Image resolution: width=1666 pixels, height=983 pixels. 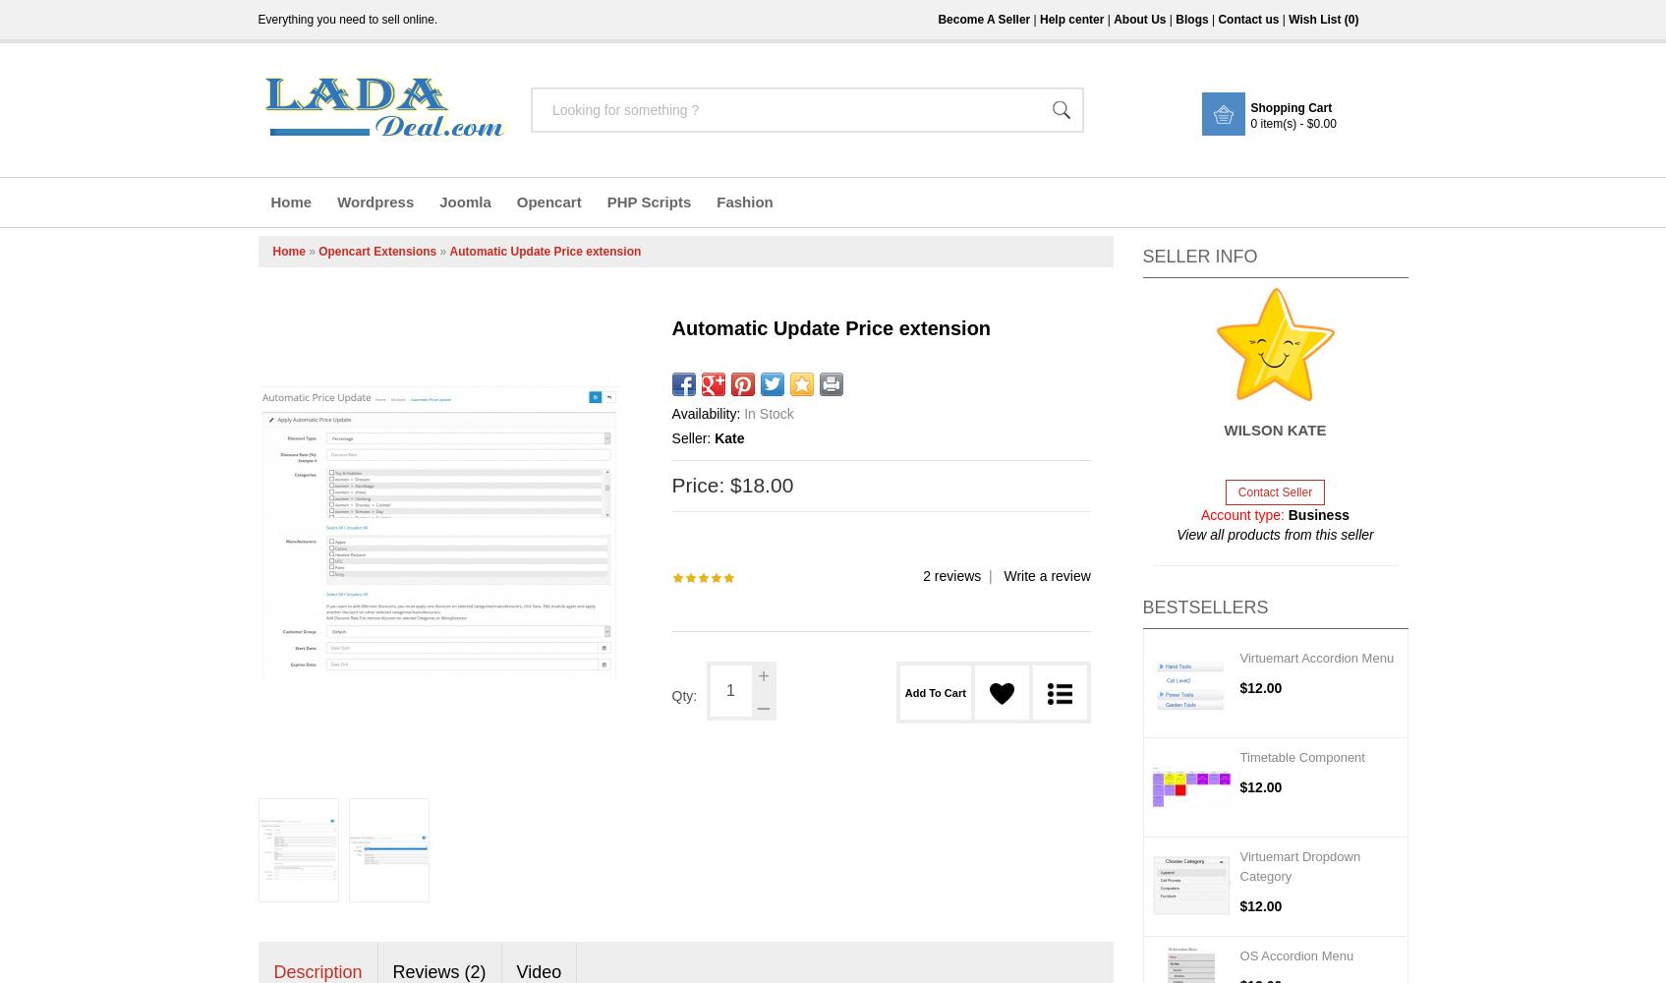 What do you see at coordinates (1299, 866) in the screenshot?
I see `'Virtuemart Dropdown Category'` at bounding box center [1299, 866].